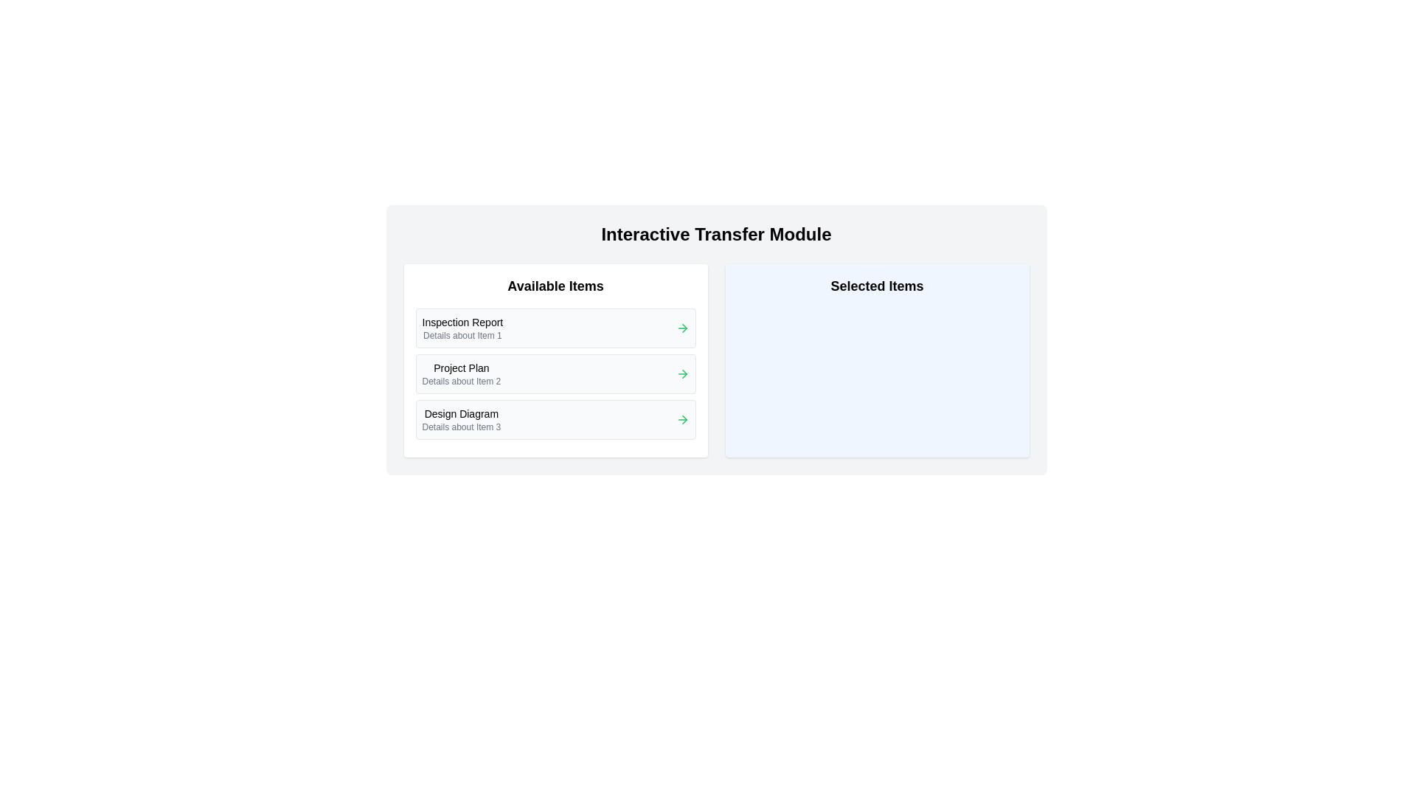 The width and height of the screenshot is (1416, 797). Describe the element at coordinates (684, 373) in the screenshot. I see `the arrow icon associated with the 'Project Plan' entry in the 'Available Items' section, which is the second icon in line with the text` at that location.